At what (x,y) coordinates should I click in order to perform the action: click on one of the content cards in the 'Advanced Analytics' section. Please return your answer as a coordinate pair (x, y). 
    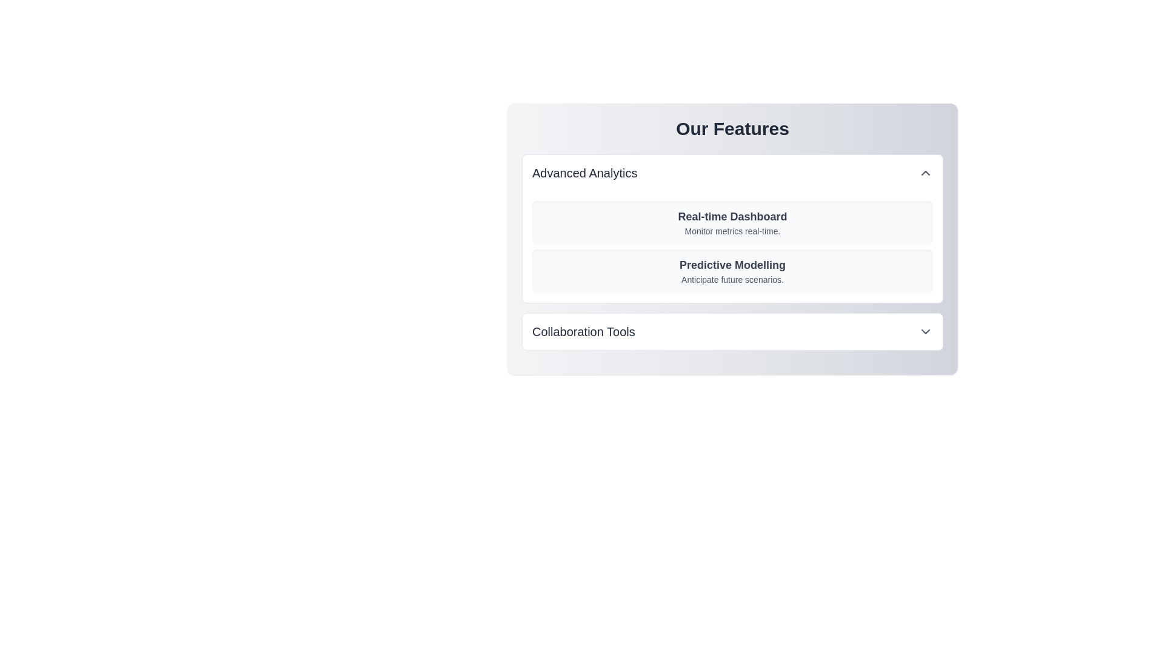
    Looking at the image, I should click on (732, 229).